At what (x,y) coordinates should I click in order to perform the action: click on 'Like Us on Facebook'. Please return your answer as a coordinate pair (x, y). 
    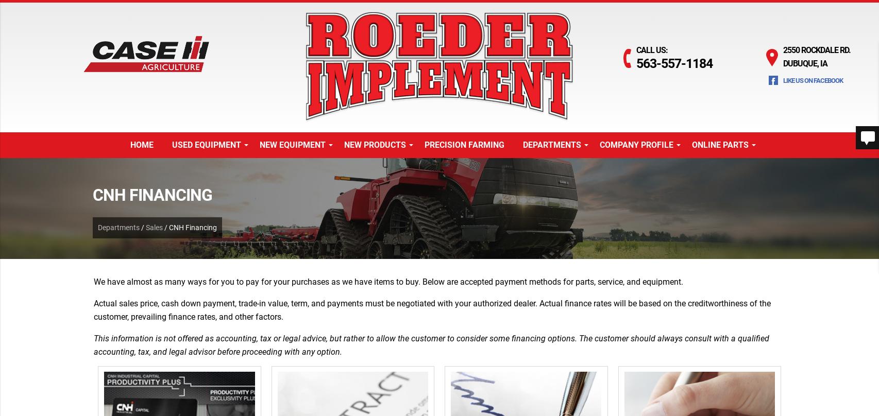
    Looking at the image, I should click on (812, 80).